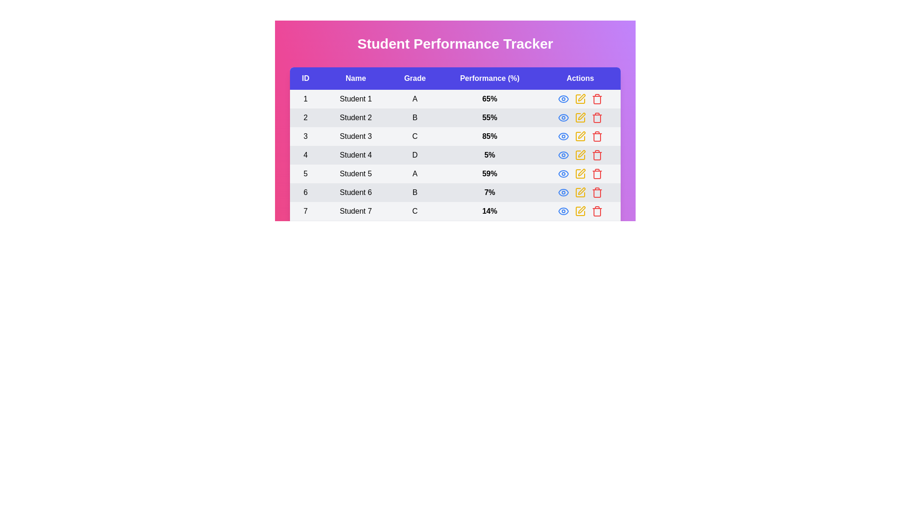  Describe the element at coordinates (563, 117) in the screenshot. I see `'eye' icon in the 'Actions' column for the student with ID 2` at that location.